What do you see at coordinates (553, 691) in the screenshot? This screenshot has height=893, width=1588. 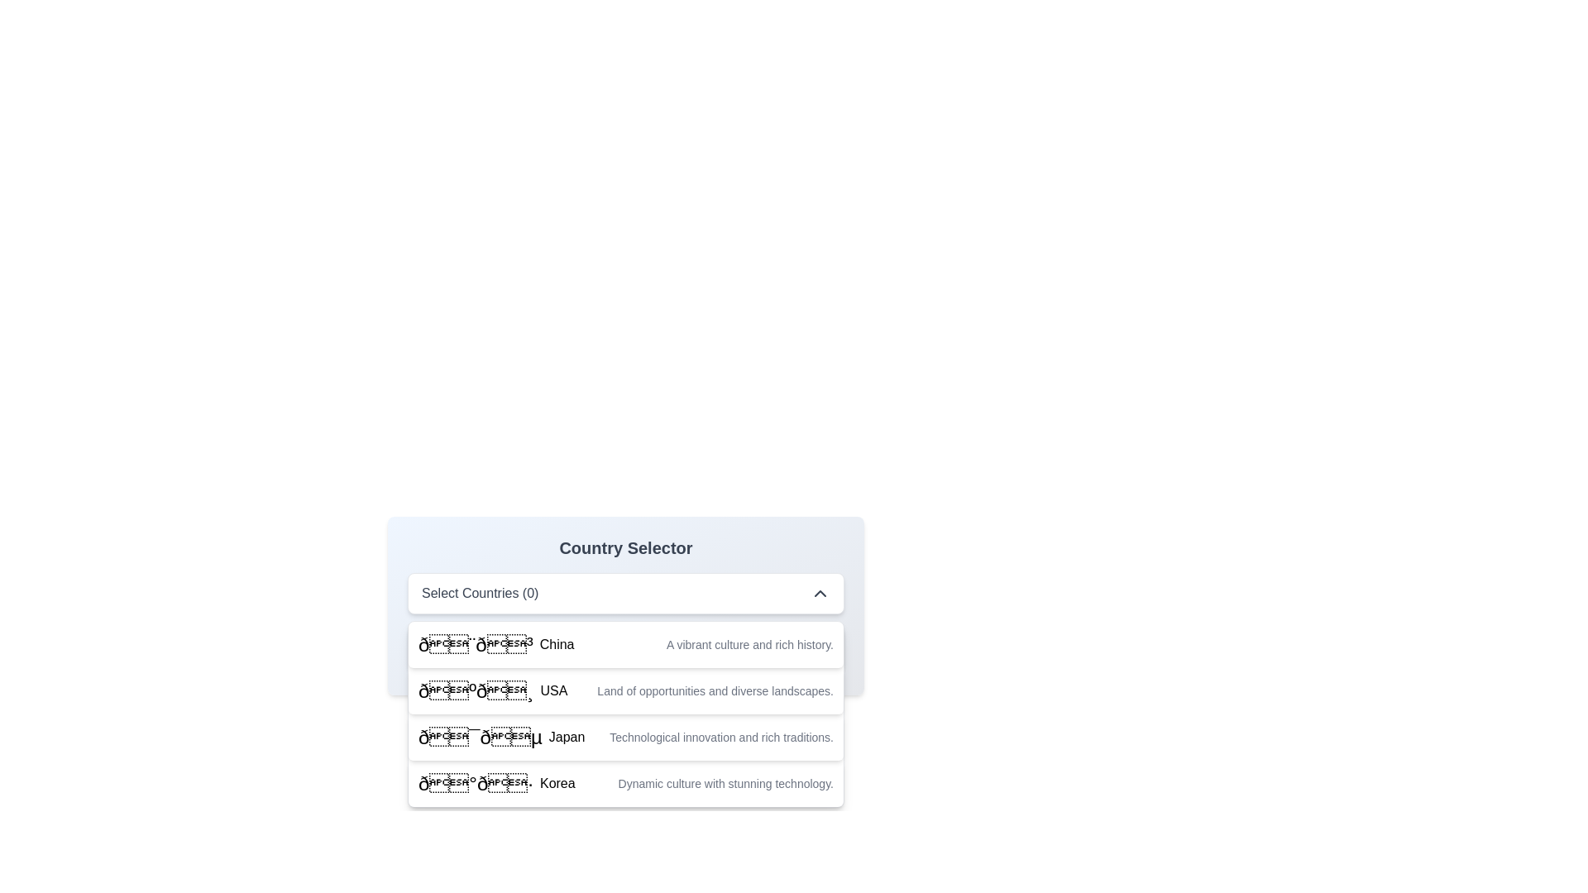 I see `the static text label displaying 'USA' in the country selection dropdown menu` at bounding box center [553, 691].